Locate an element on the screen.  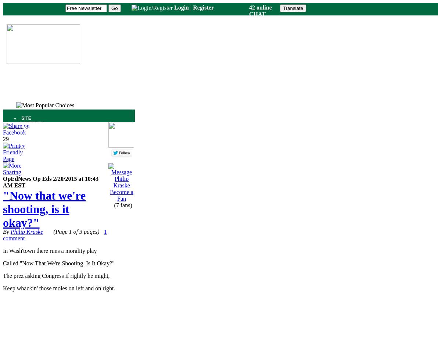
'|' is located at coordinates (191, 7).